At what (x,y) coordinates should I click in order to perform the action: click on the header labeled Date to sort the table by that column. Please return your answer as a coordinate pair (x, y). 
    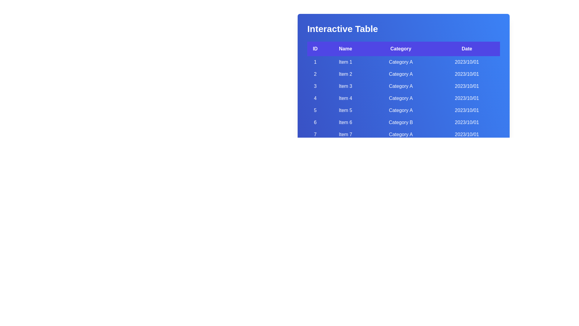
    Looking at the image, I should click on (467, 49).